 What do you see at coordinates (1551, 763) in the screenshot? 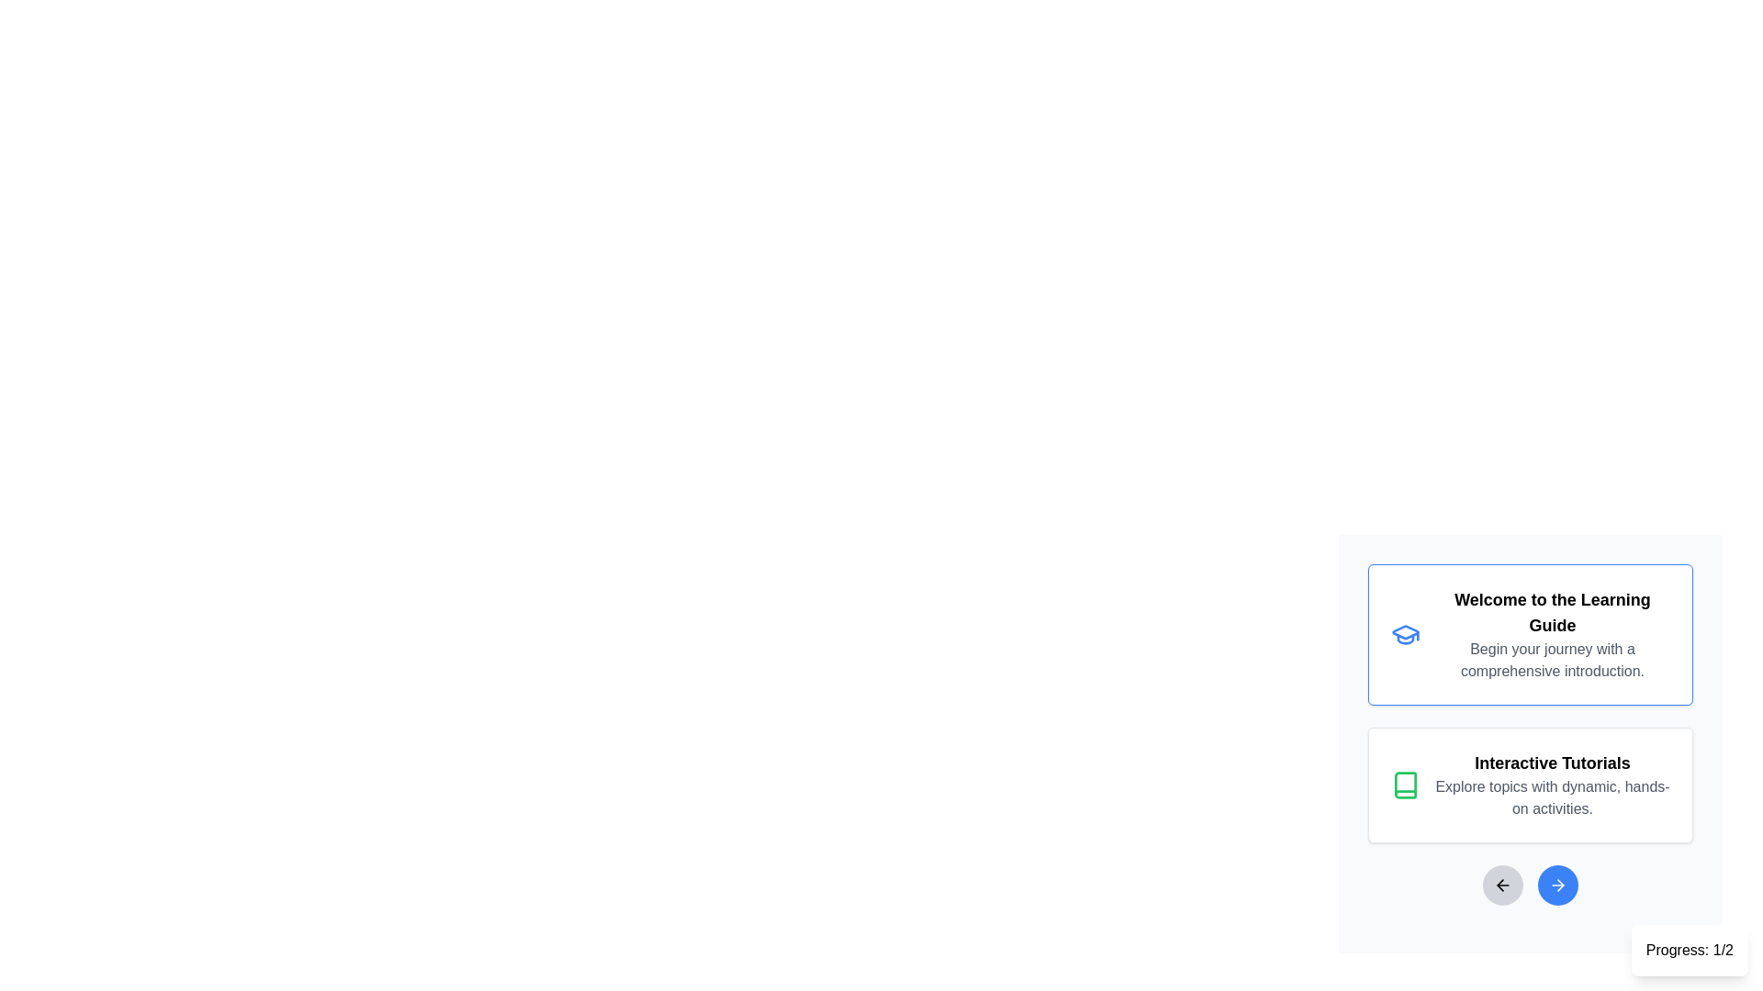
I see `the text label that reads 'Interactive Tutorials', which is styled in large, bold font and is located in a card layout below the 'Welcome to the Learning Guide' card` at bounding box center [1551, 763].